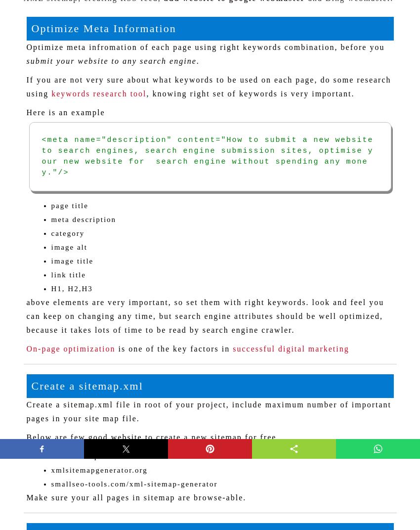 This screenshot has height=530, width=420. What do you see at coordinates (209, 86) in the screenshot?
I see `'If you are not very sure about what keywords to be used on each page, do some research using'` at bounding box center [209, 86].